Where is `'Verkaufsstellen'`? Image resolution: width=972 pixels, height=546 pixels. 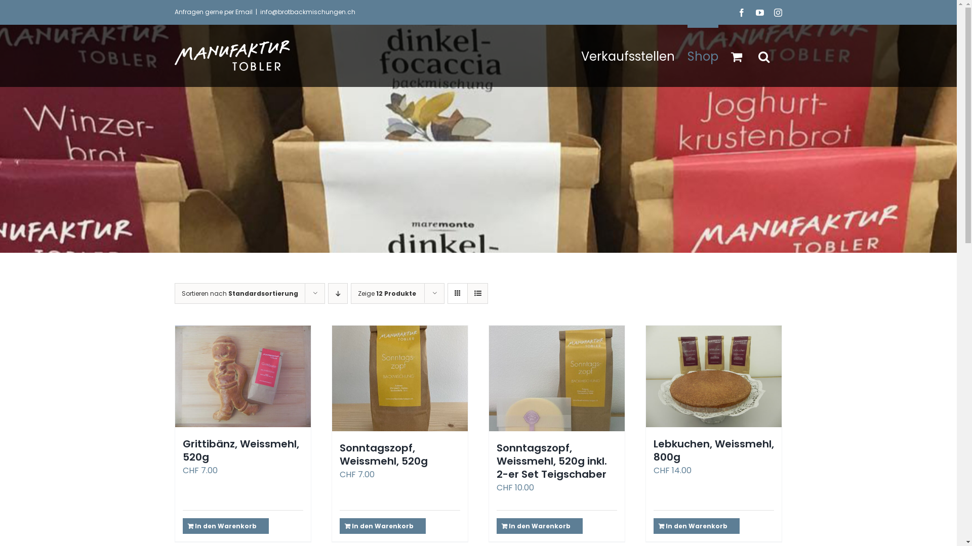
'Verkaufsstellen' is located at coordinates (627, 55).